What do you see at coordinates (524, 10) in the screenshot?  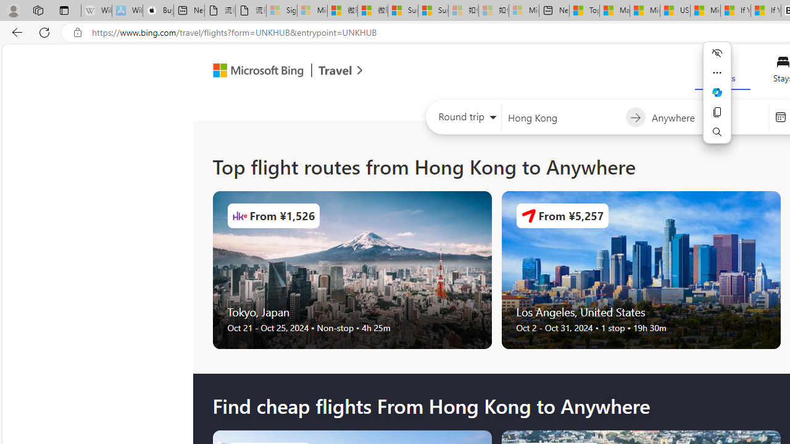 I see `'Microsoft account | Account Checkup - Sleeping'` at bounding box center [524, 10].